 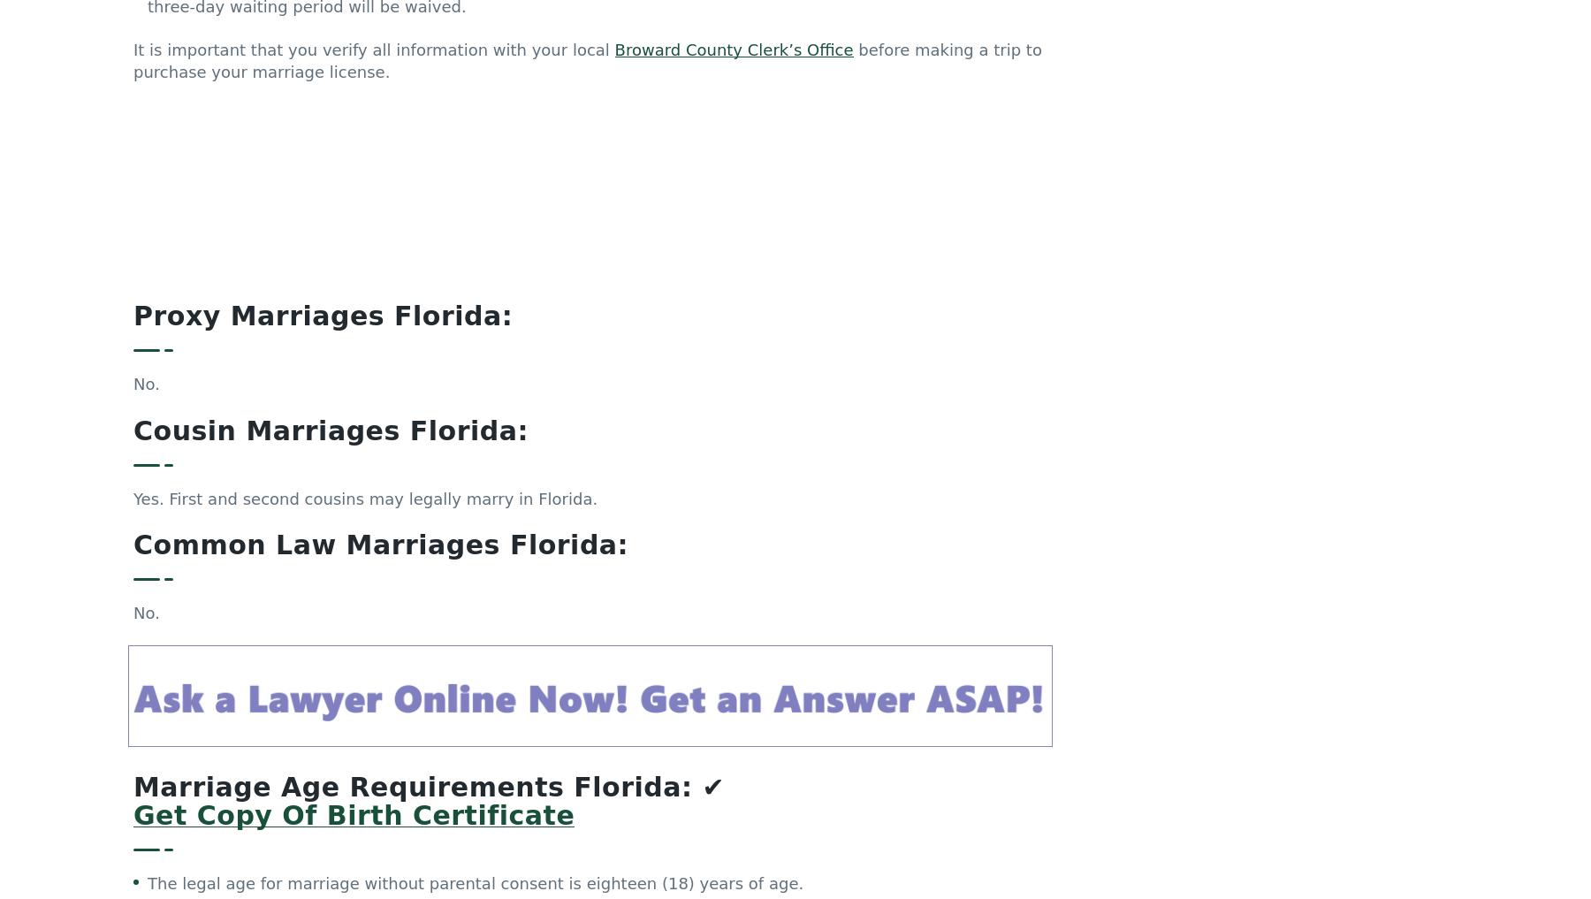 I want to click on 'Cousin Marriages Florida:', so click(x=331, y=261).